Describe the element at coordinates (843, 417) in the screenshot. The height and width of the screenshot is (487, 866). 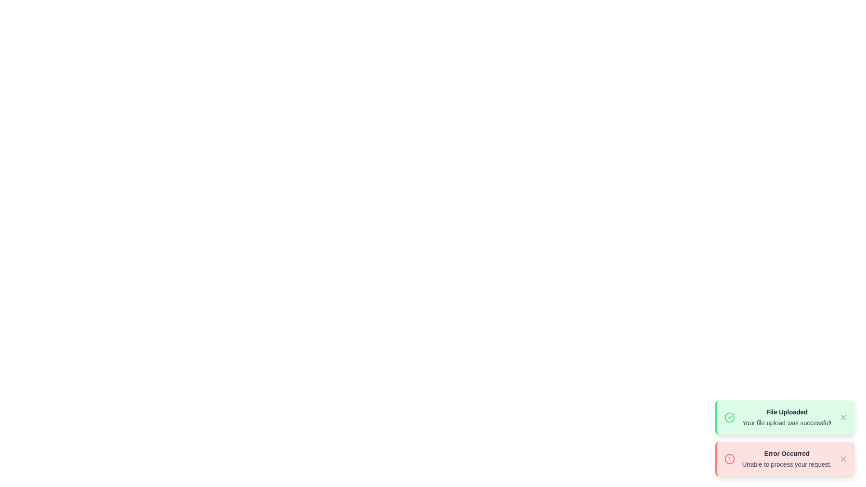
I see `the stylized cross icon within the SVG element in the top-right corner of the interactive message box` at that location.